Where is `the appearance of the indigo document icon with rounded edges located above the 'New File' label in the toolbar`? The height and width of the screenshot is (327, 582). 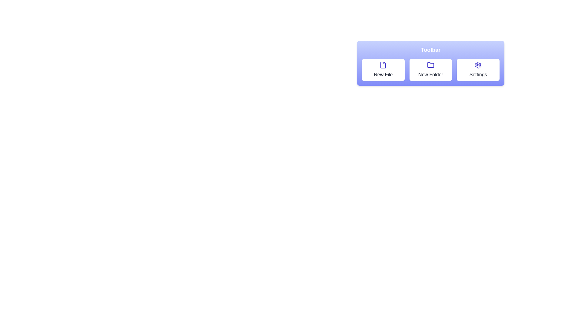 the appearance of the indigo document icon with rounded edges located above the 'New File' label in the toolbar is located at coordinates (383, 65).